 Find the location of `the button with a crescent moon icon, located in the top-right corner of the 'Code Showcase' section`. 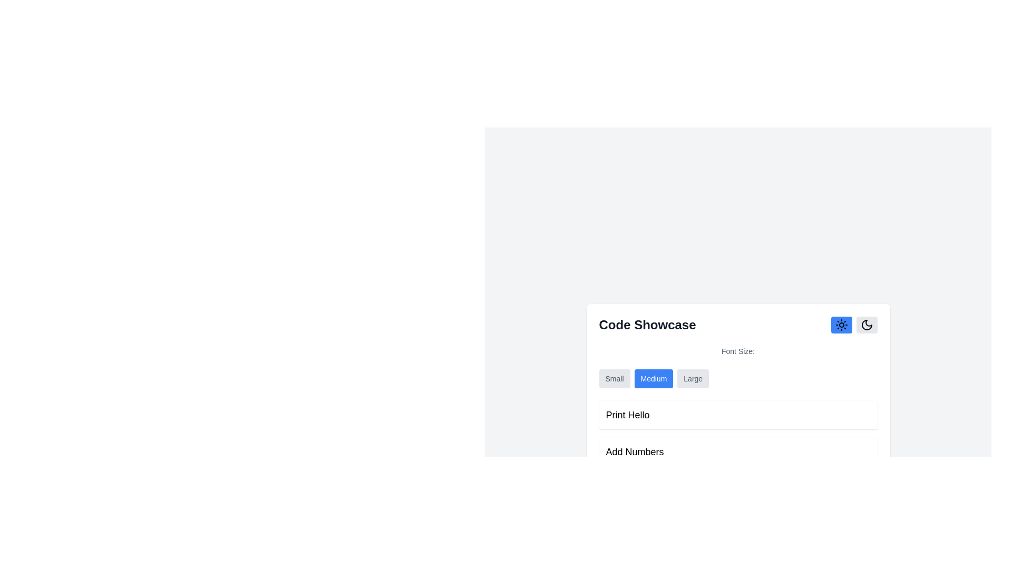

the button with a crescent moon icon, located in the top-right corner of the 'Code Showcase' section is located at coordinates (867, 325).